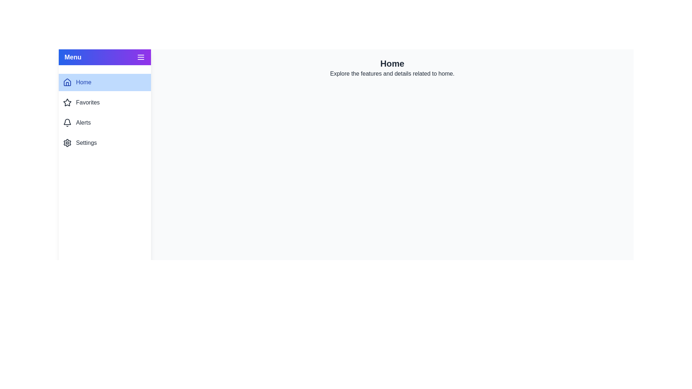 This screenshot has height=389, width=692. What do you see at coordinates (67, 103) in the screenshot?
I see `the star-shaped icon located at the leftmost side of the 'Favorites' label in the vertical navigation menu` at bounding box center [67, 103].